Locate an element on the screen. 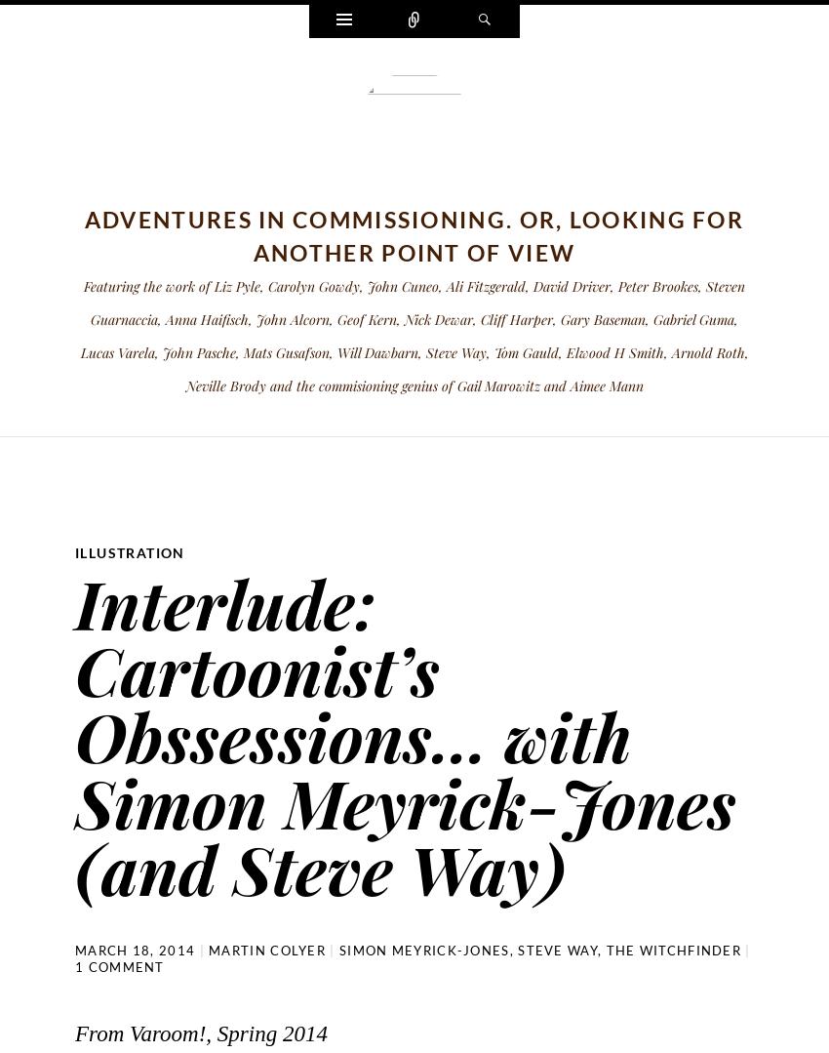 This screenshot has width=829, height=1053. 'Simon Meyrick-Jones' is located at coordinates (422, 949).